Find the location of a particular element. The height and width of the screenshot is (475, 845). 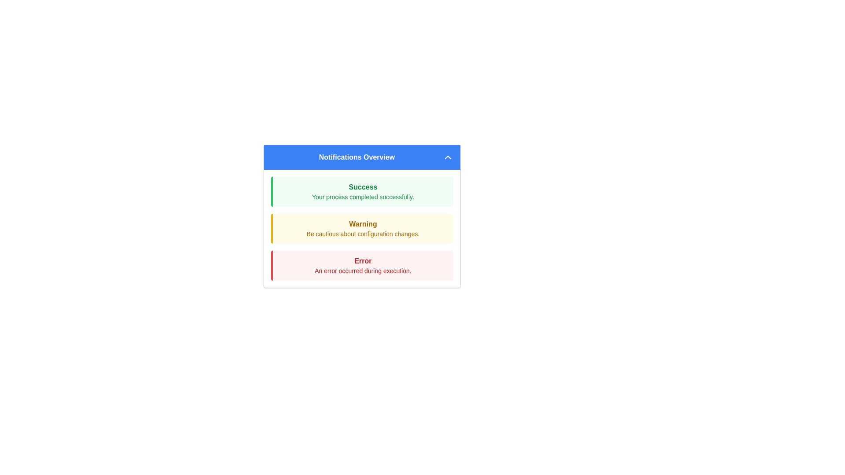

the warning by clicking on the Notification card located in the Notifications Overview panel, which is the second item in the vertically stacked list of notifications is located at coordinates (362, 216).